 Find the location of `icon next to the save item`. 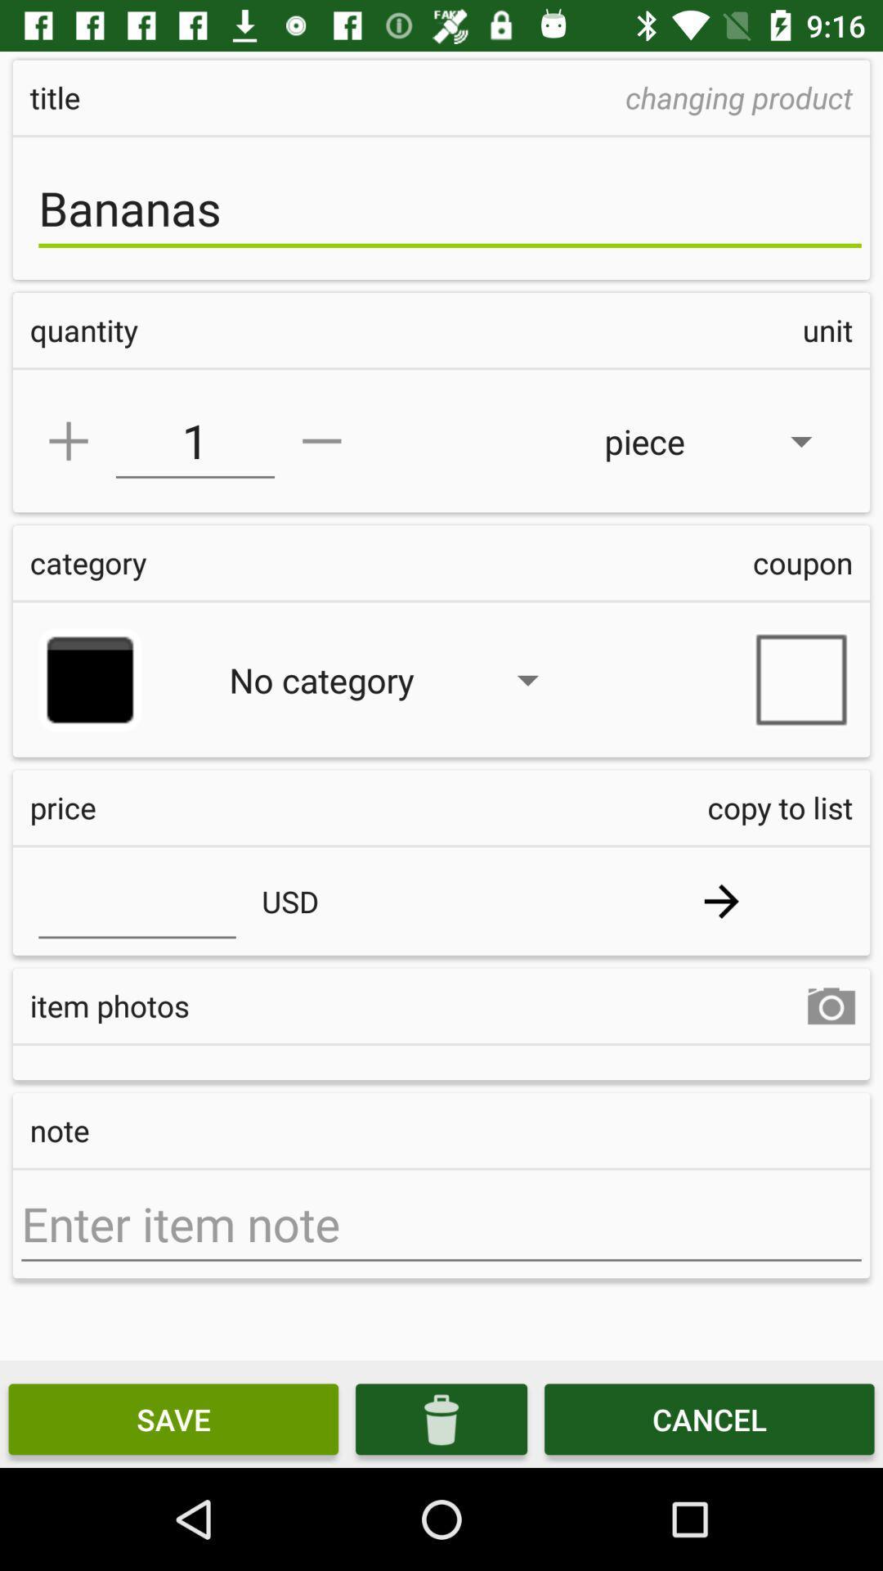

icon next to the save item is located at coordinates (441, 1418).